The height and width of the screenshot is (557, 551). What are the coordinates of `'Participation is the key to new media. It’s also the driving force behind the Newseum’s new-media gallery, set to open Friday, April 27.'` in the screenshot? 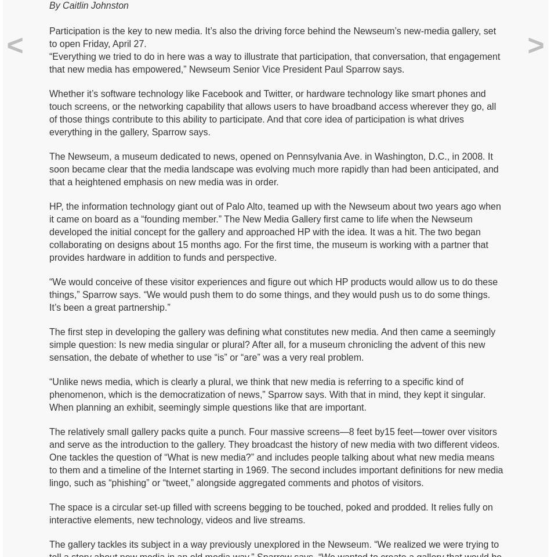 It's located at (271, 36).